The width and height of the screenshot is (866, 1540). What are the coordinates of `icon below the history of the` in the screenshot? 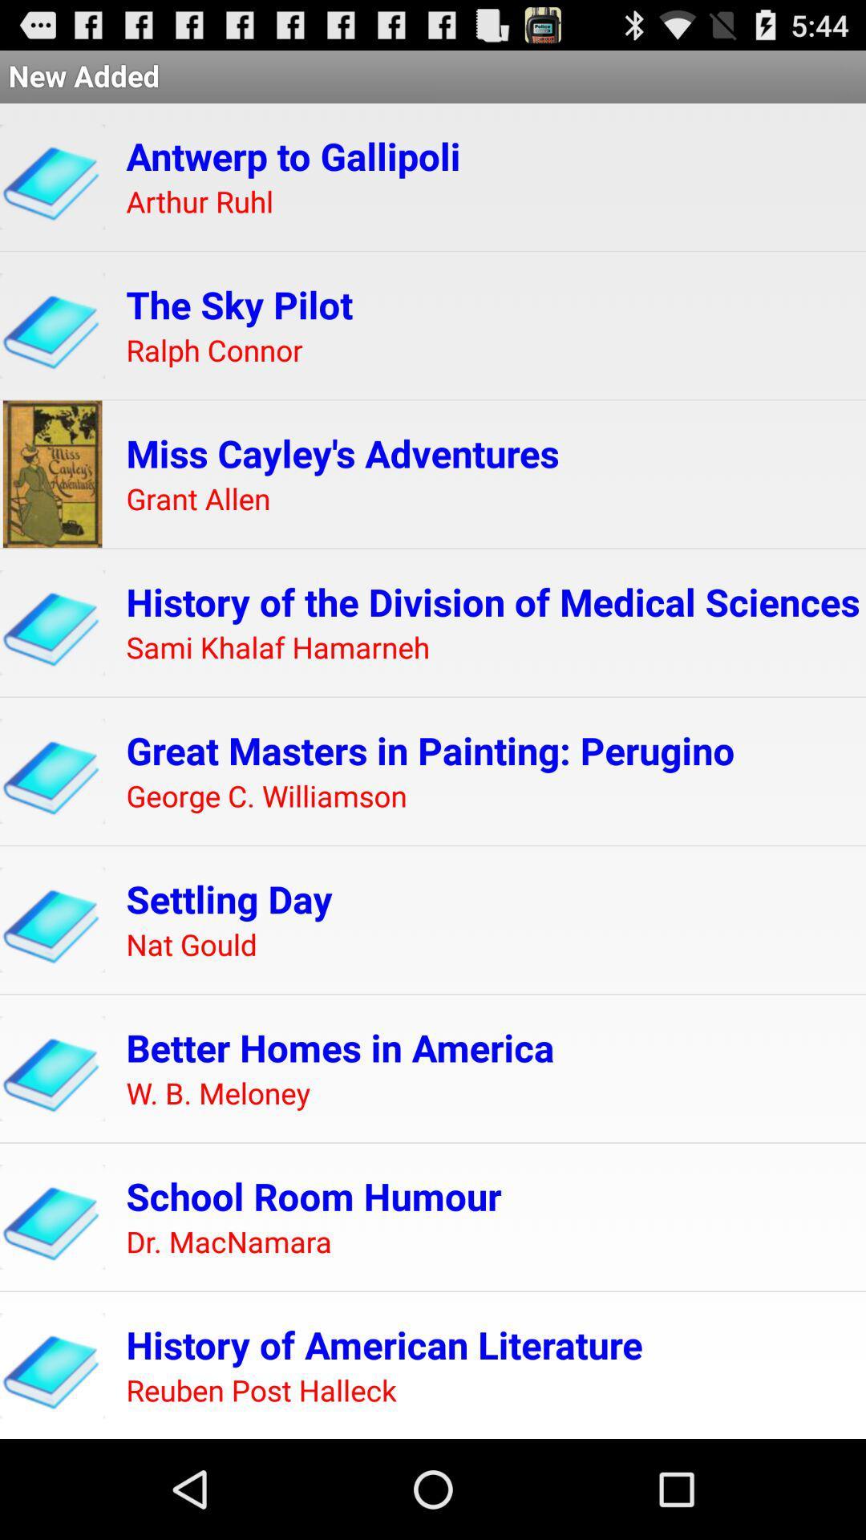 It's located at (277, 648).